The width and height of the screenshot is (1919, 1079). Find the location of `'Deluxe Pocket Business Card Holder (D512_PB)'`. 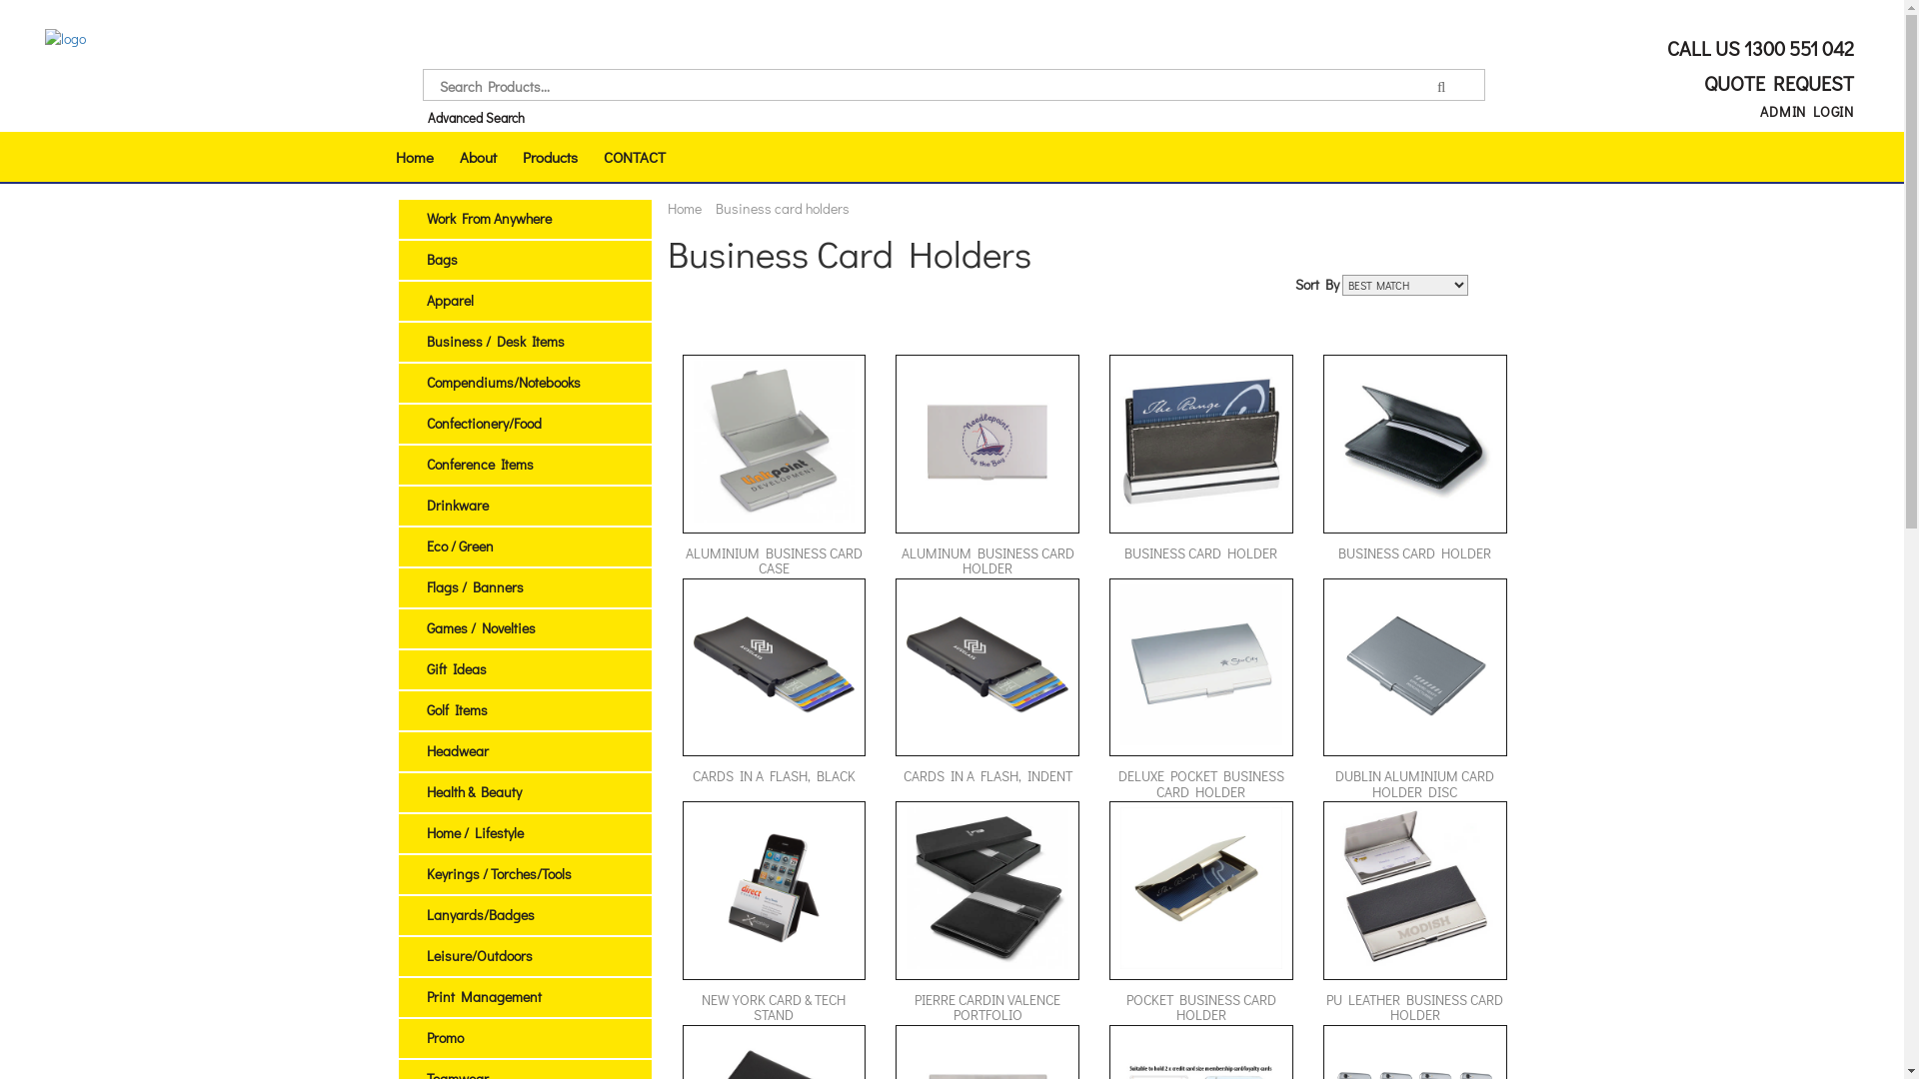

'Deluxe Pocket Business Card Holder (D512_PB)' is located at coordinates (1199, 665).